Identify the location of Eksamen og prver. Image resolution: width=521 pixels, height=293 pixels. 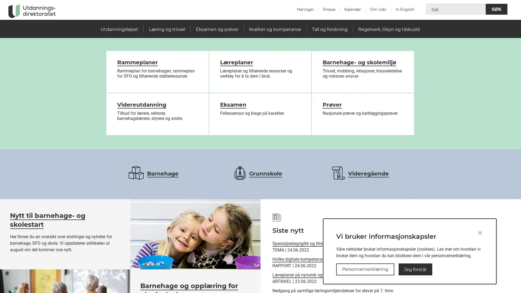
(217, 29).